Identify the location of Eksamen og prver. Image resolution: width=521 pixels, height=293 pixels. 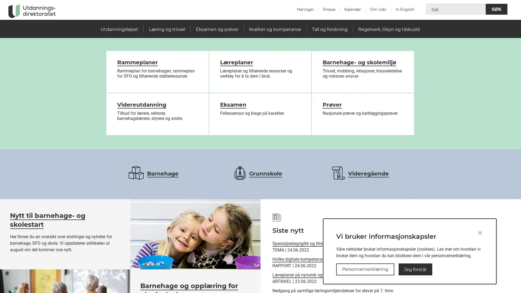
(217, 29).